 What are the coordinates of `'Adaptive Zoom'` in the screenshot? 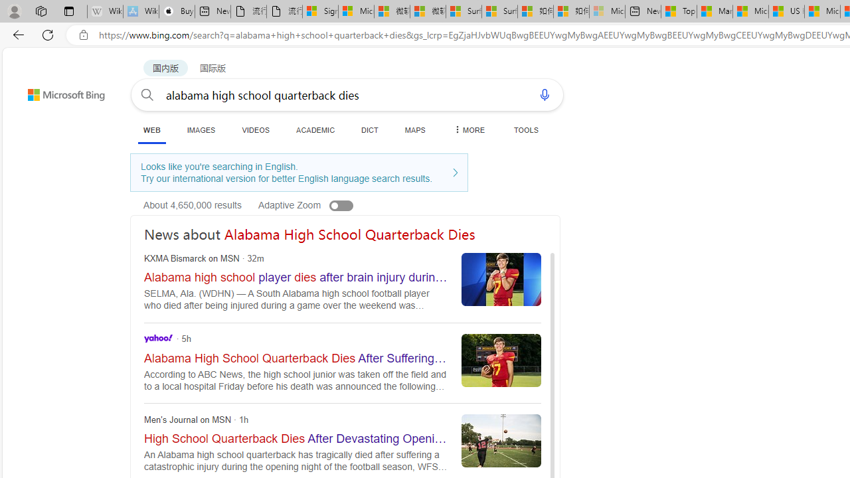 It's located at (319, 204).